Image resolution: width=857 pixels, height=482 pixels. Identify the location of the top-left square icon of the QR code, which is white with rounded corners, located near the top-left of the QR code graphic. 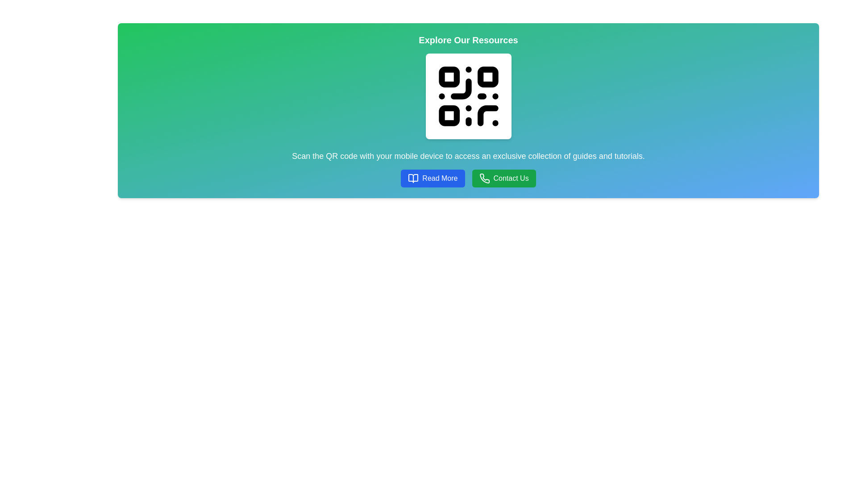
(449, 76).